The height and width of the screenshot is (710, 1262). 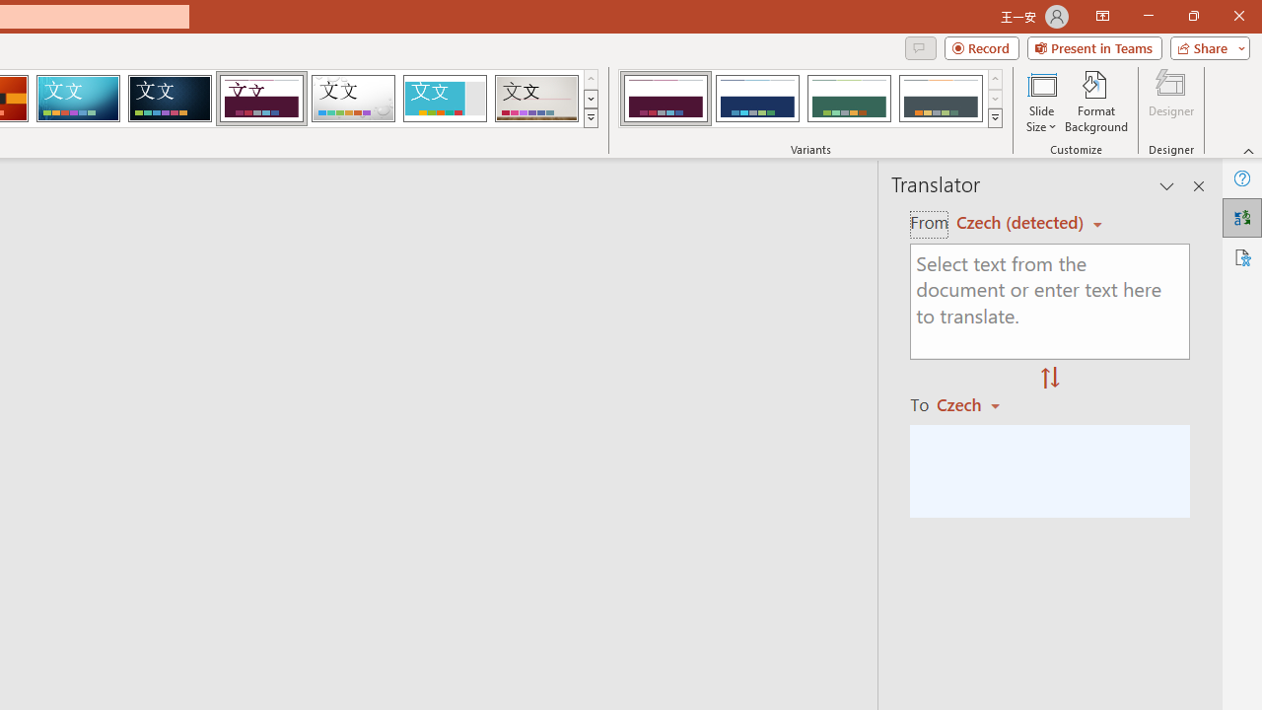 I want to click on 'Circuit', so click(x=78, y=99).